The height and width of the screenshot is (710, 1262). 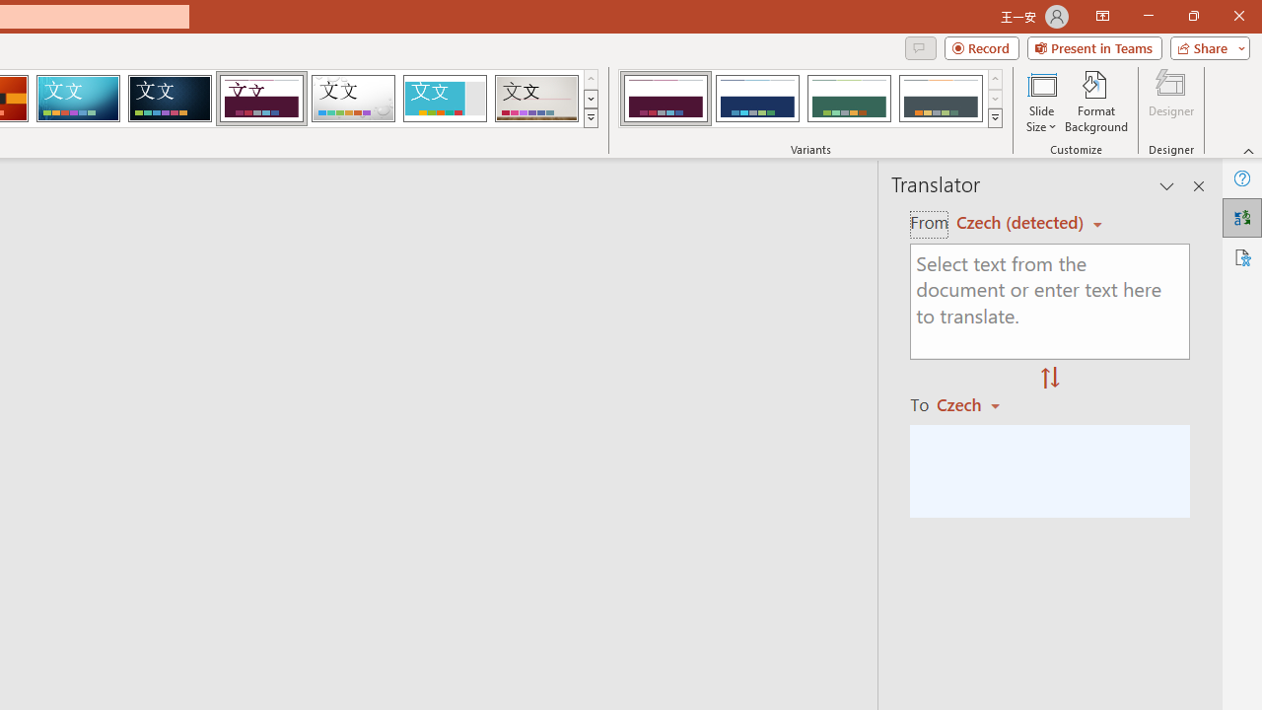 I want to click on 'Circuit', so click(x=78, y=99).